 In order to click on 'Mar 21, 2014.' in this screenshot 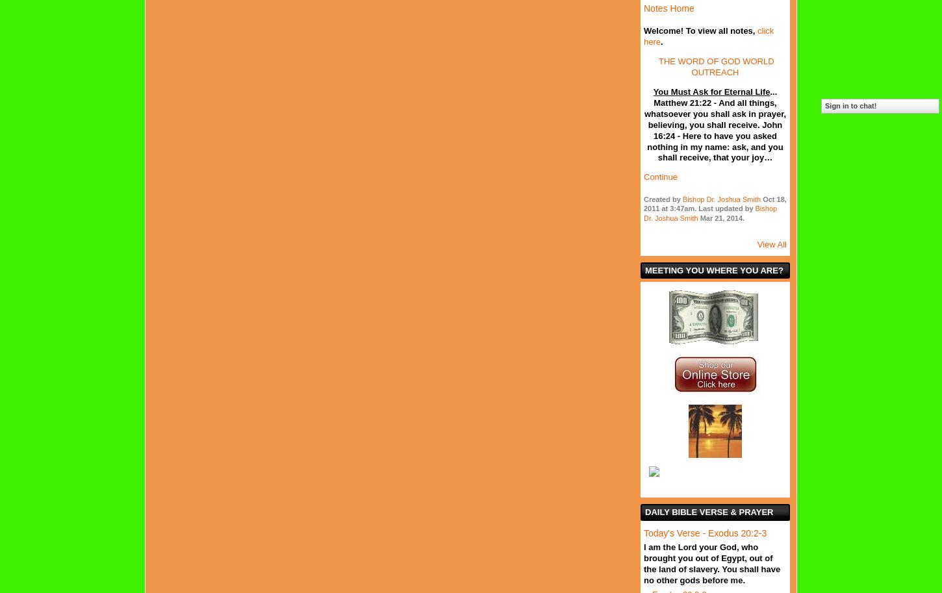, I will do `click(720, 217)`.